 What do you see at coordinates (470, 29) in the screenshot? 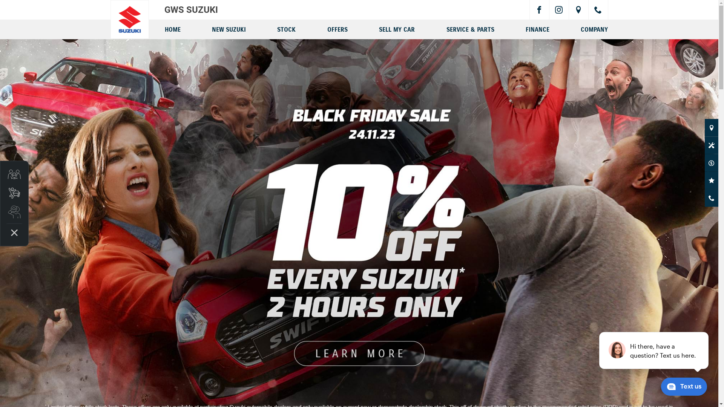
I see `'SERVICE & PARTS'` at bounding box center [470, 29].